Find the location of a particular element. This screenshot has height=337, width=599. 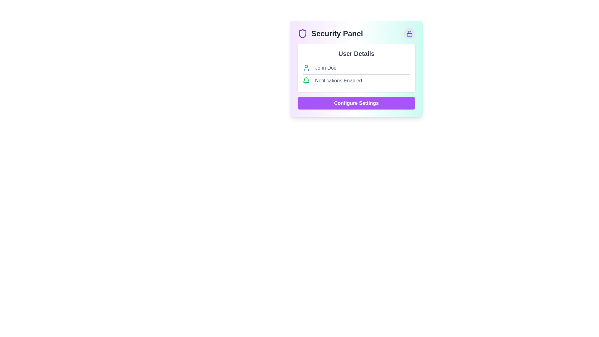

the 'User Details' section within the gradient panel is located at coordinates (356, 69).